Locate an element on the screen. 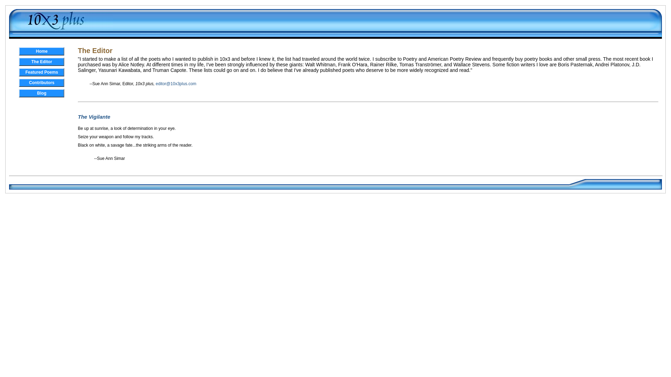  'Home' is located at coordinates (41, 51).